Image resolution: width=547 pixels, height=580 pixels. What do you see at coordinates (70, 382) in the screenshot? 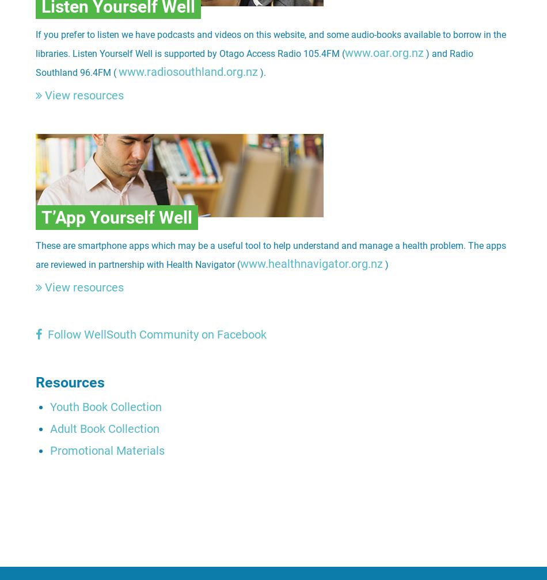
I see `'Resources'` at bounding box center [70, 382].